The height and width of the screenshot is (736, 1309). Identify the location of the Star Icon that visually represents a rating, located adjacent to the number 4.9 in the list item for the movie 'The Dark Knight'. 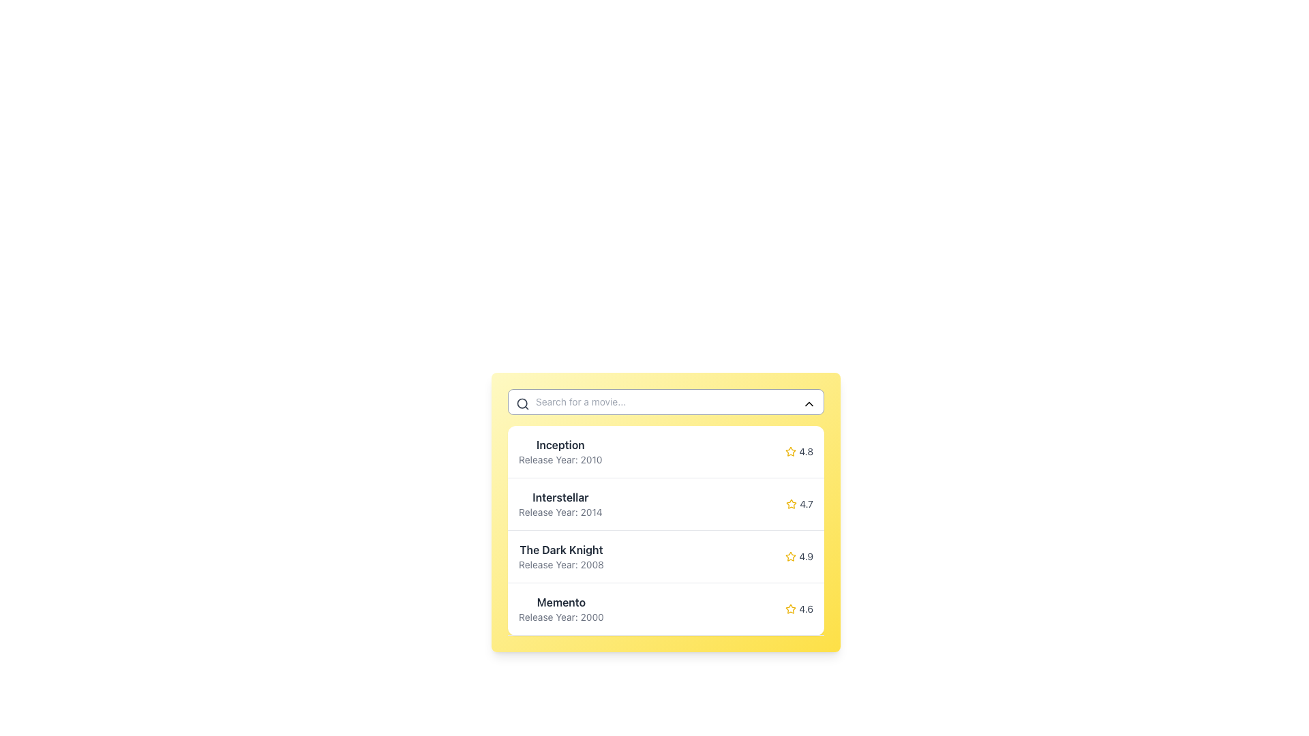
(791, 557).